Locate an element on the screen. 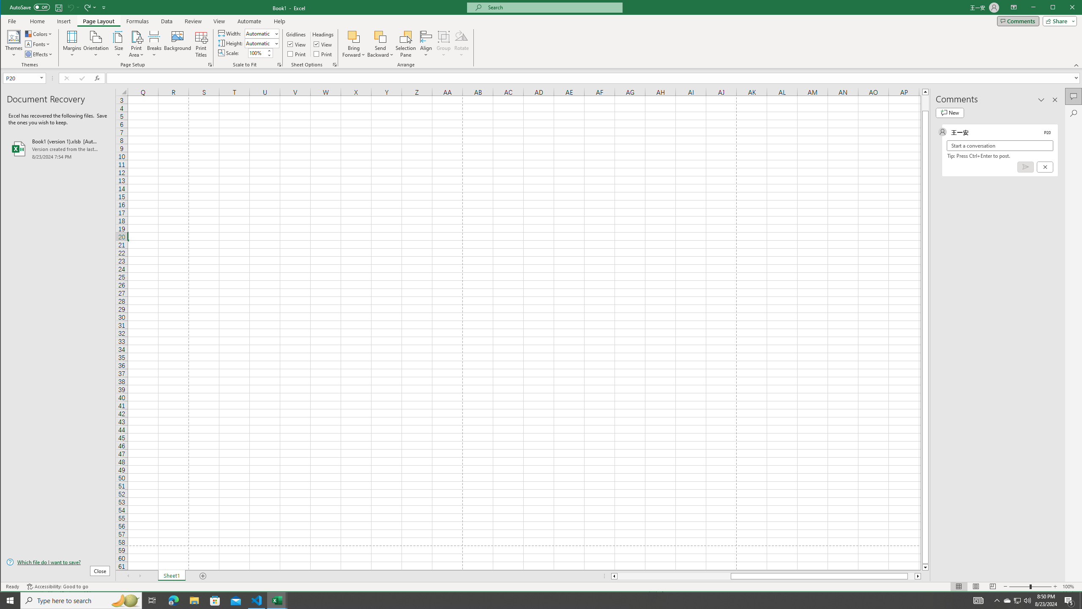 The width and height of the screenshot is (1082, 609). 'Start a conversation' is located at coordinates (999, 145).